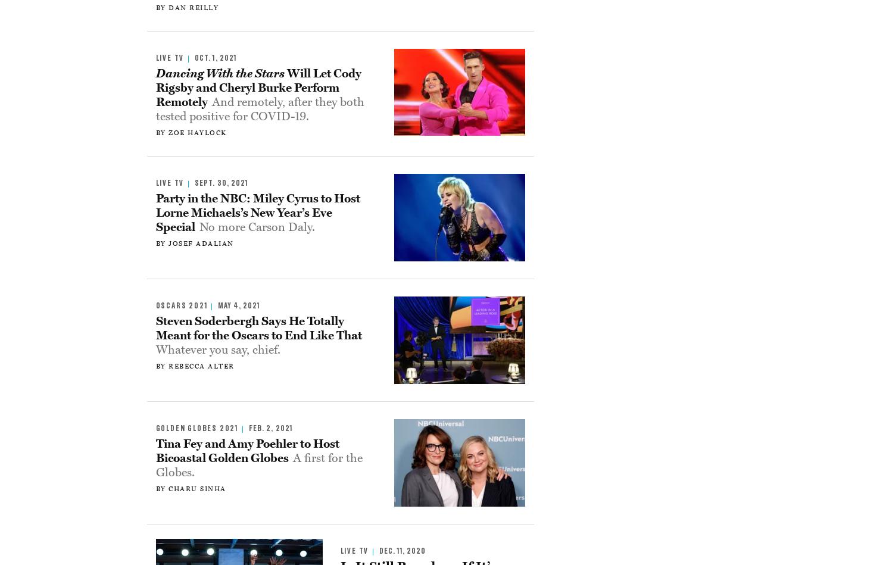  Describe the element at coordinates (257, 227) in the screenshot. I see `'No more Carson Daly.'` at that location.